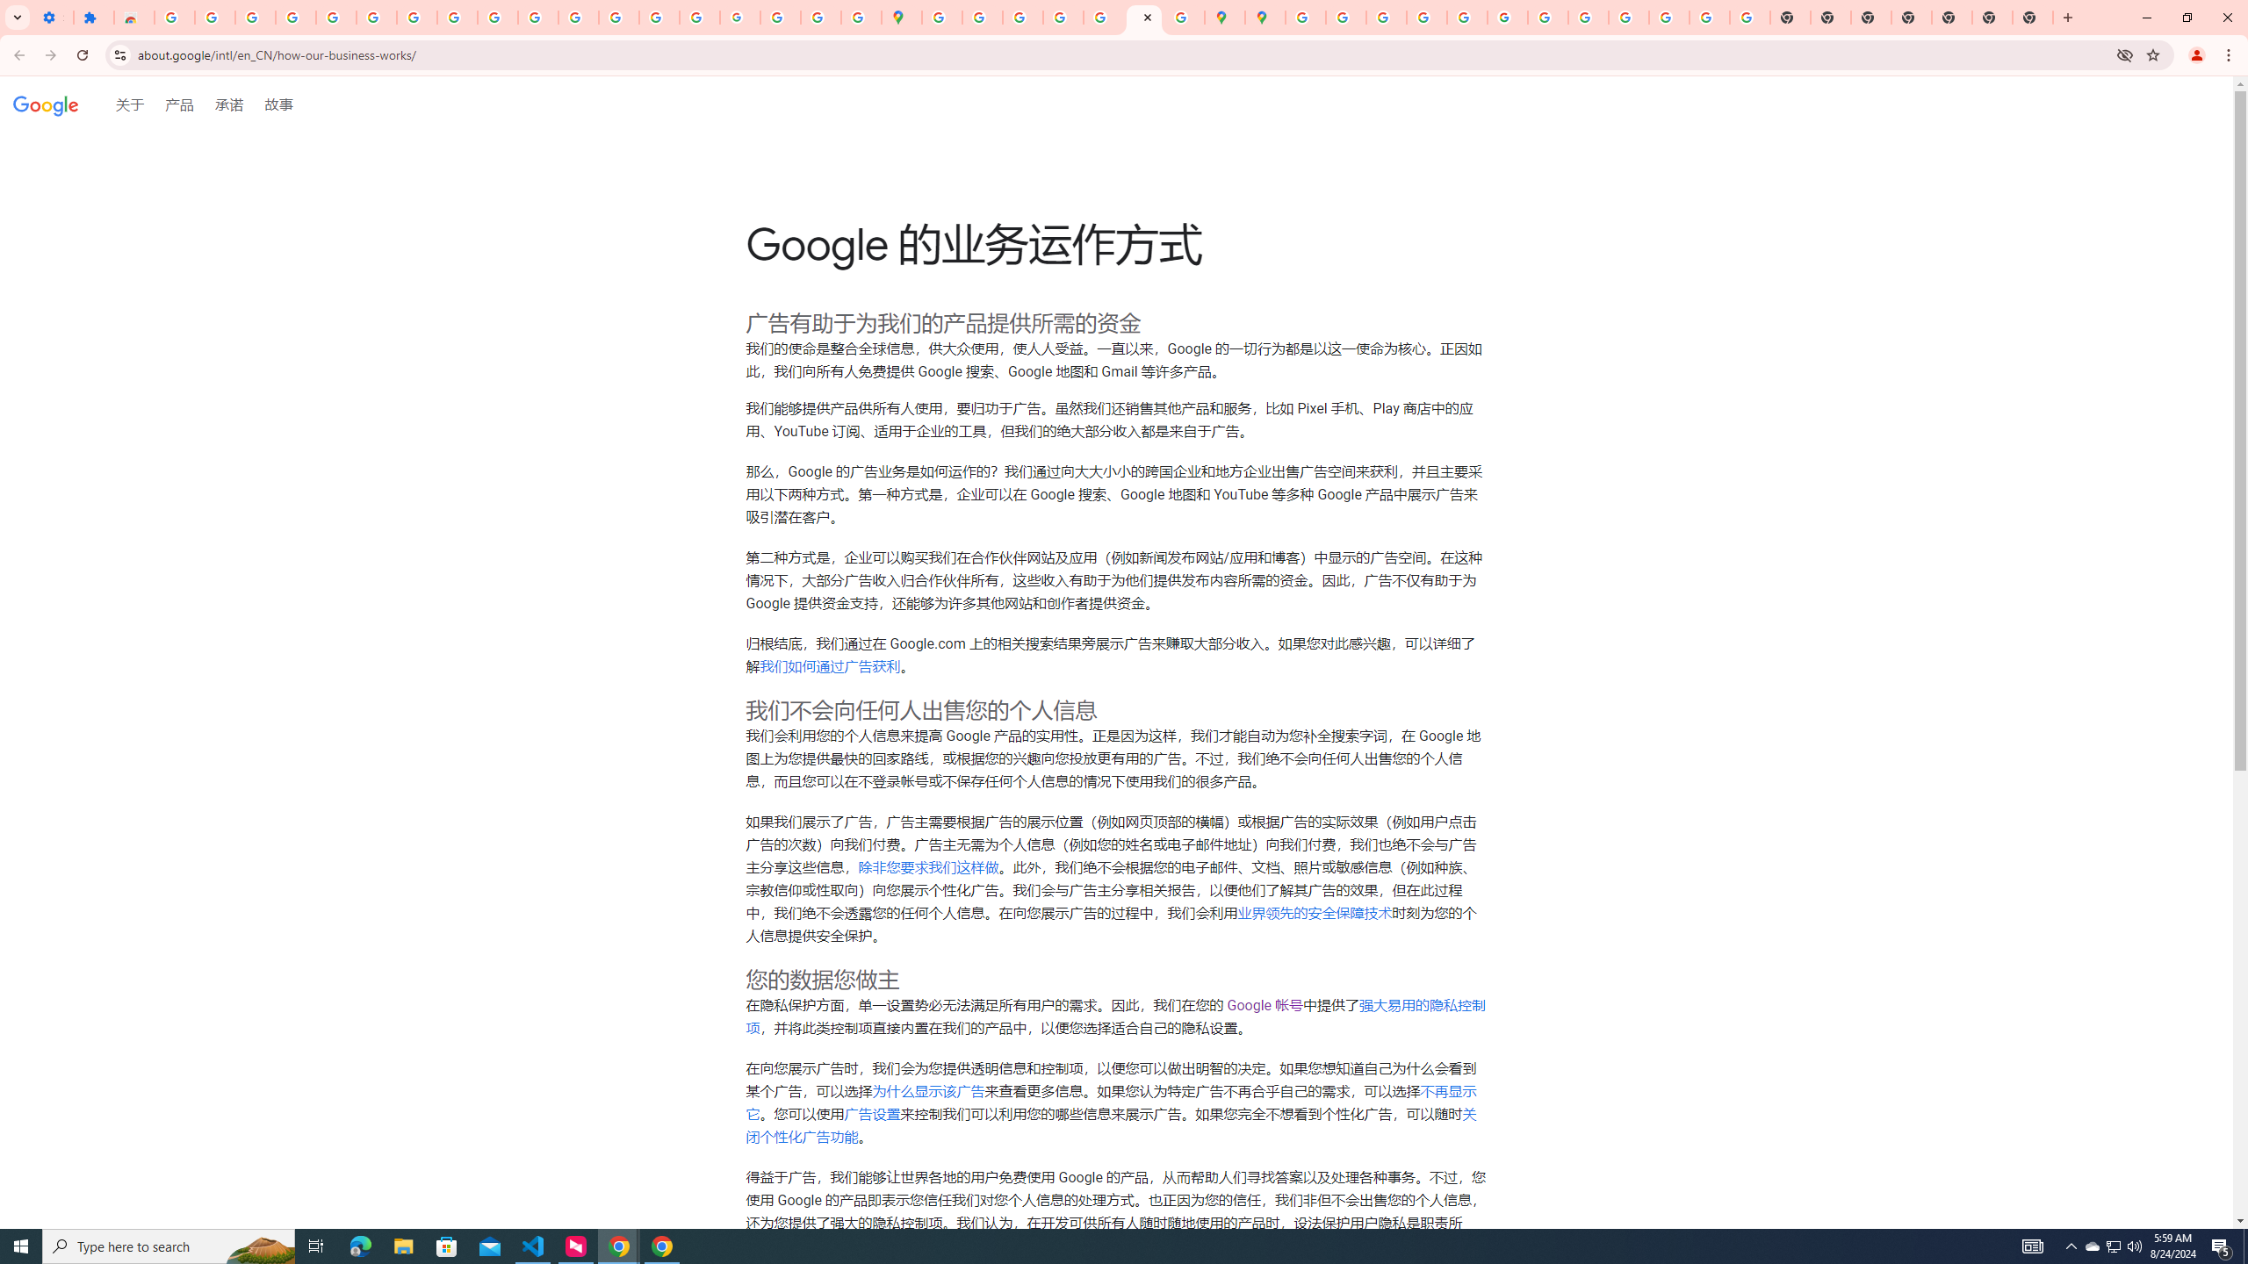 This screenshot has height=1264, width=2248. I want to click on 'Sign in - Google Accounts', so click(376, 17).